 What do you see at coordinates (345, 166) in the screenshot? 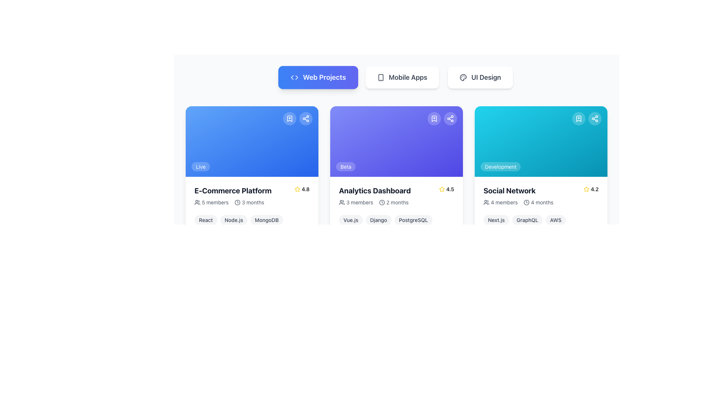
I see `text of the 'Beta' badge located in the lower-left corner of the purple 'Analytics Dashboard' card` at bounding box center [345, 166].